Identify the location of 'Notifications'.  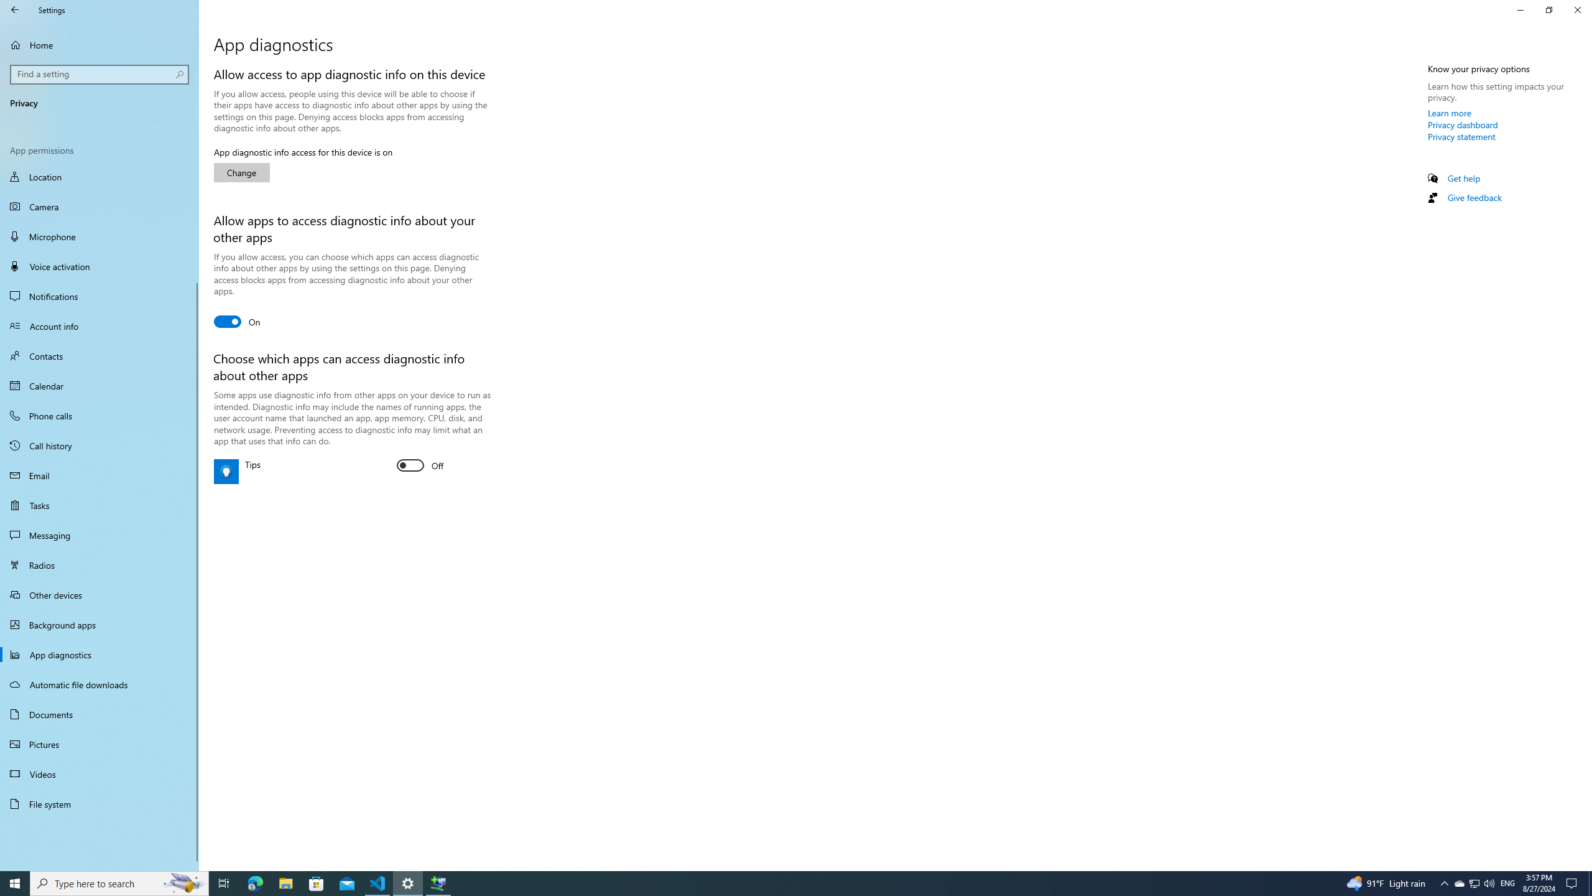
(99, 295).